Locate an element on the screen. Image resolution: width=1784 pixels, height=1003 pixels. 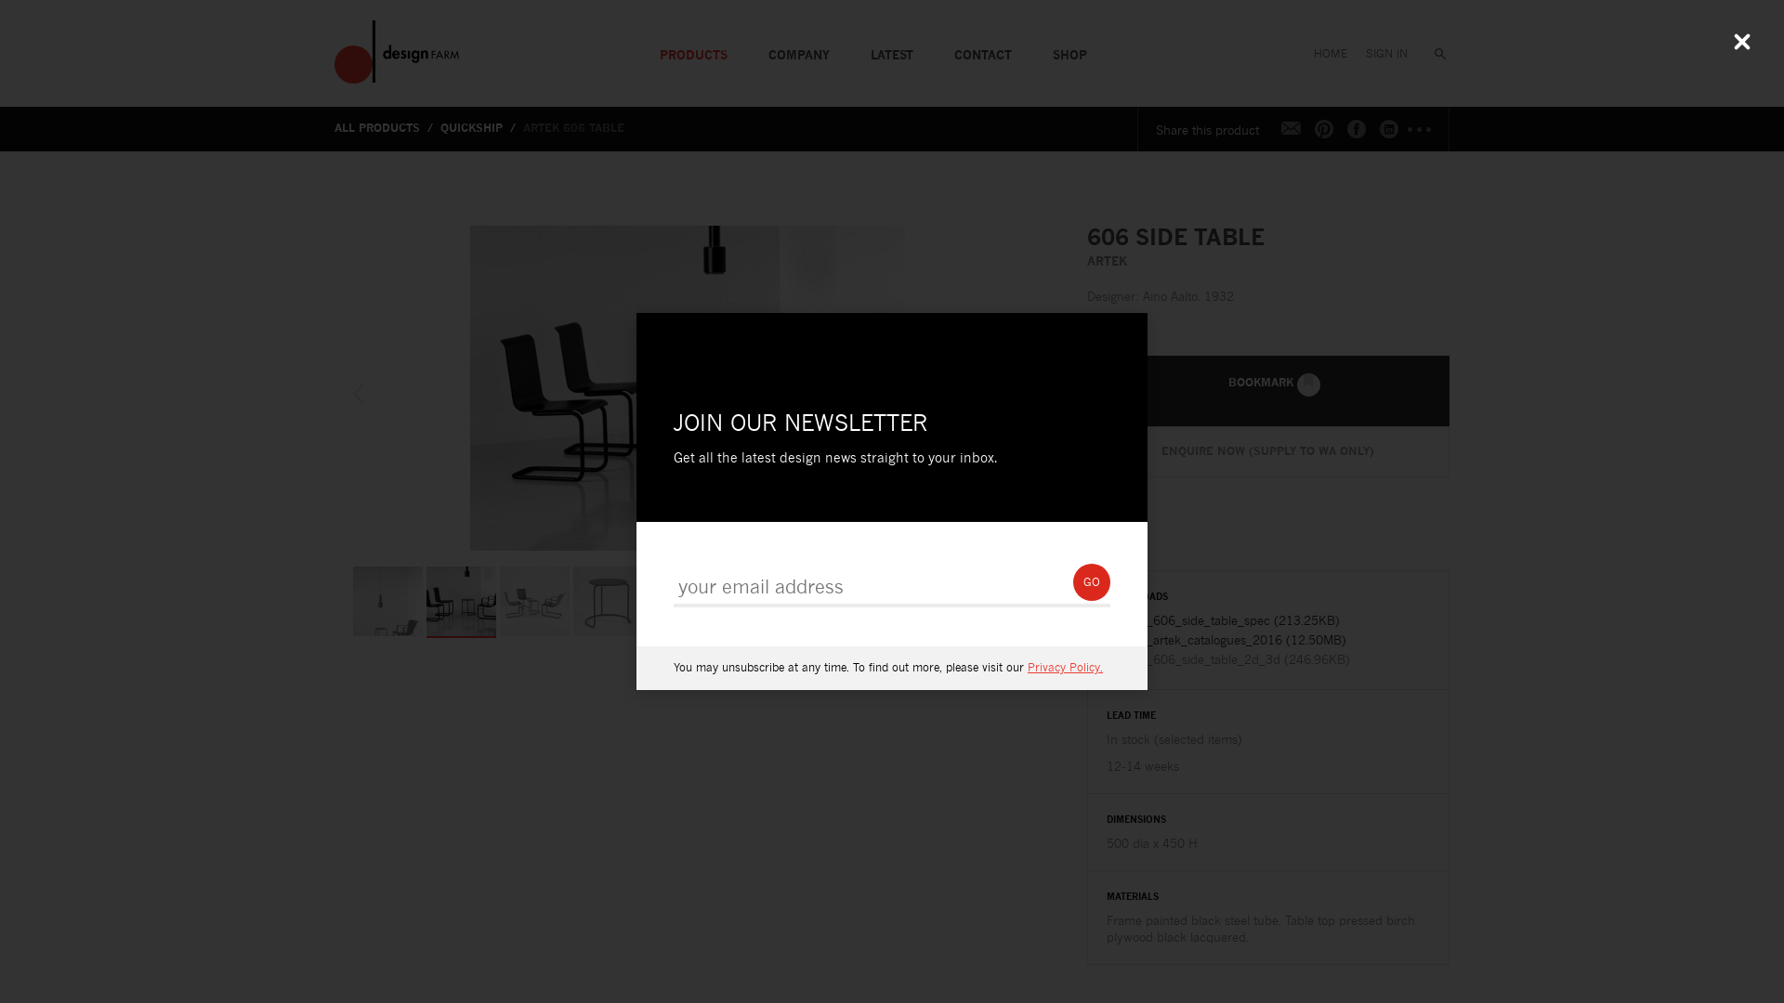
'More share options' is located at coordinates (1421, 127).